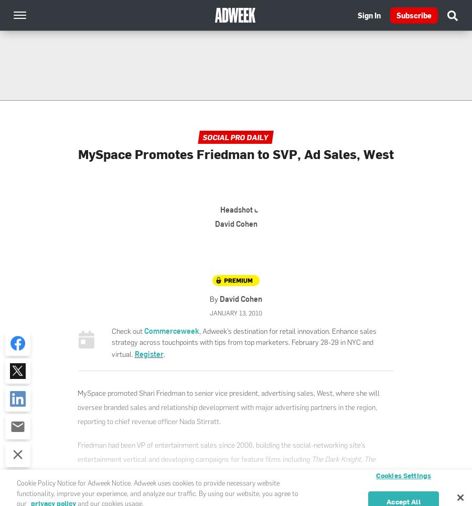  Describe the element at coordinates (111, 342) in the screenshot. I see `', Adweek’s destination for retail innovation. Enhance sales strategy across touchpoints with tips from top marketers. February 28-29 in NYC and virtual.'` at that location.